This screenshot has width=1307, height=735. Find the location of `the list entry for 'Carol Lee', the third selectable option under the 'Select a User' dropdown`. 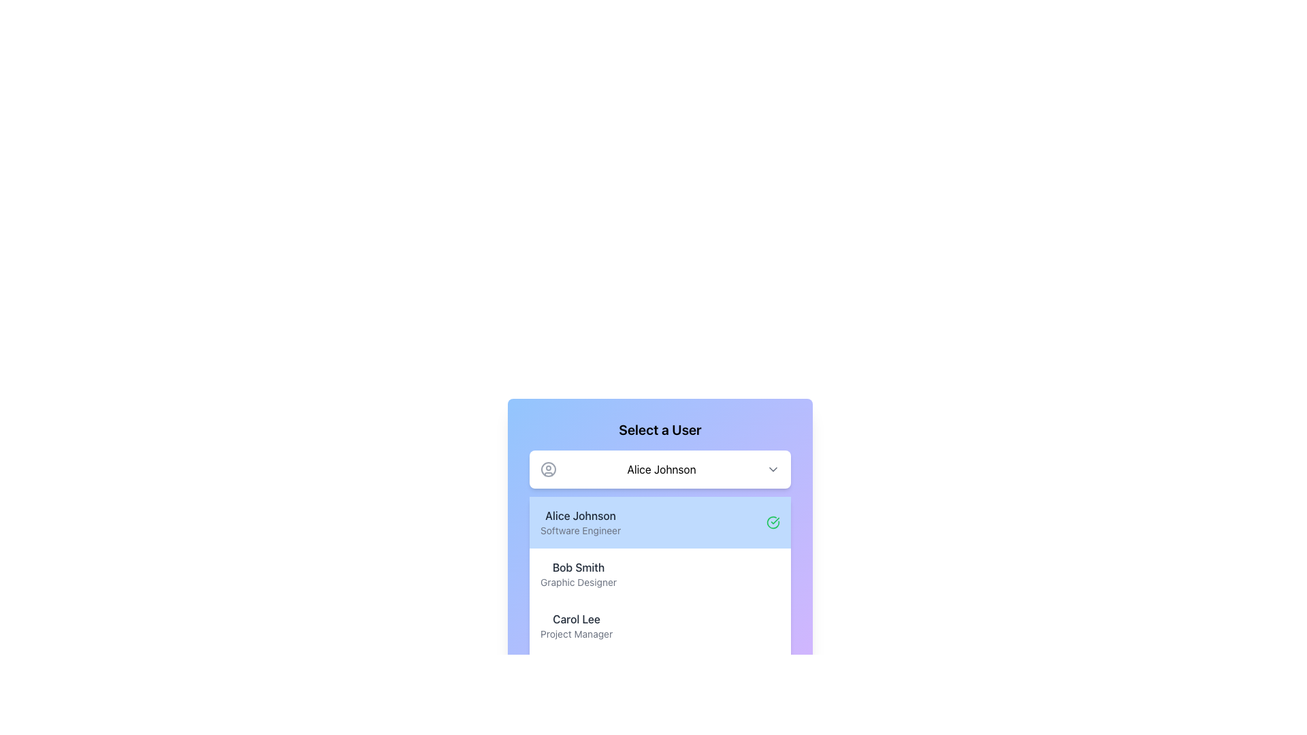

the list entry for 'Carol Lee', the third selectable option under the 'Select a User' dropdown is located at coordinates (660, 626).